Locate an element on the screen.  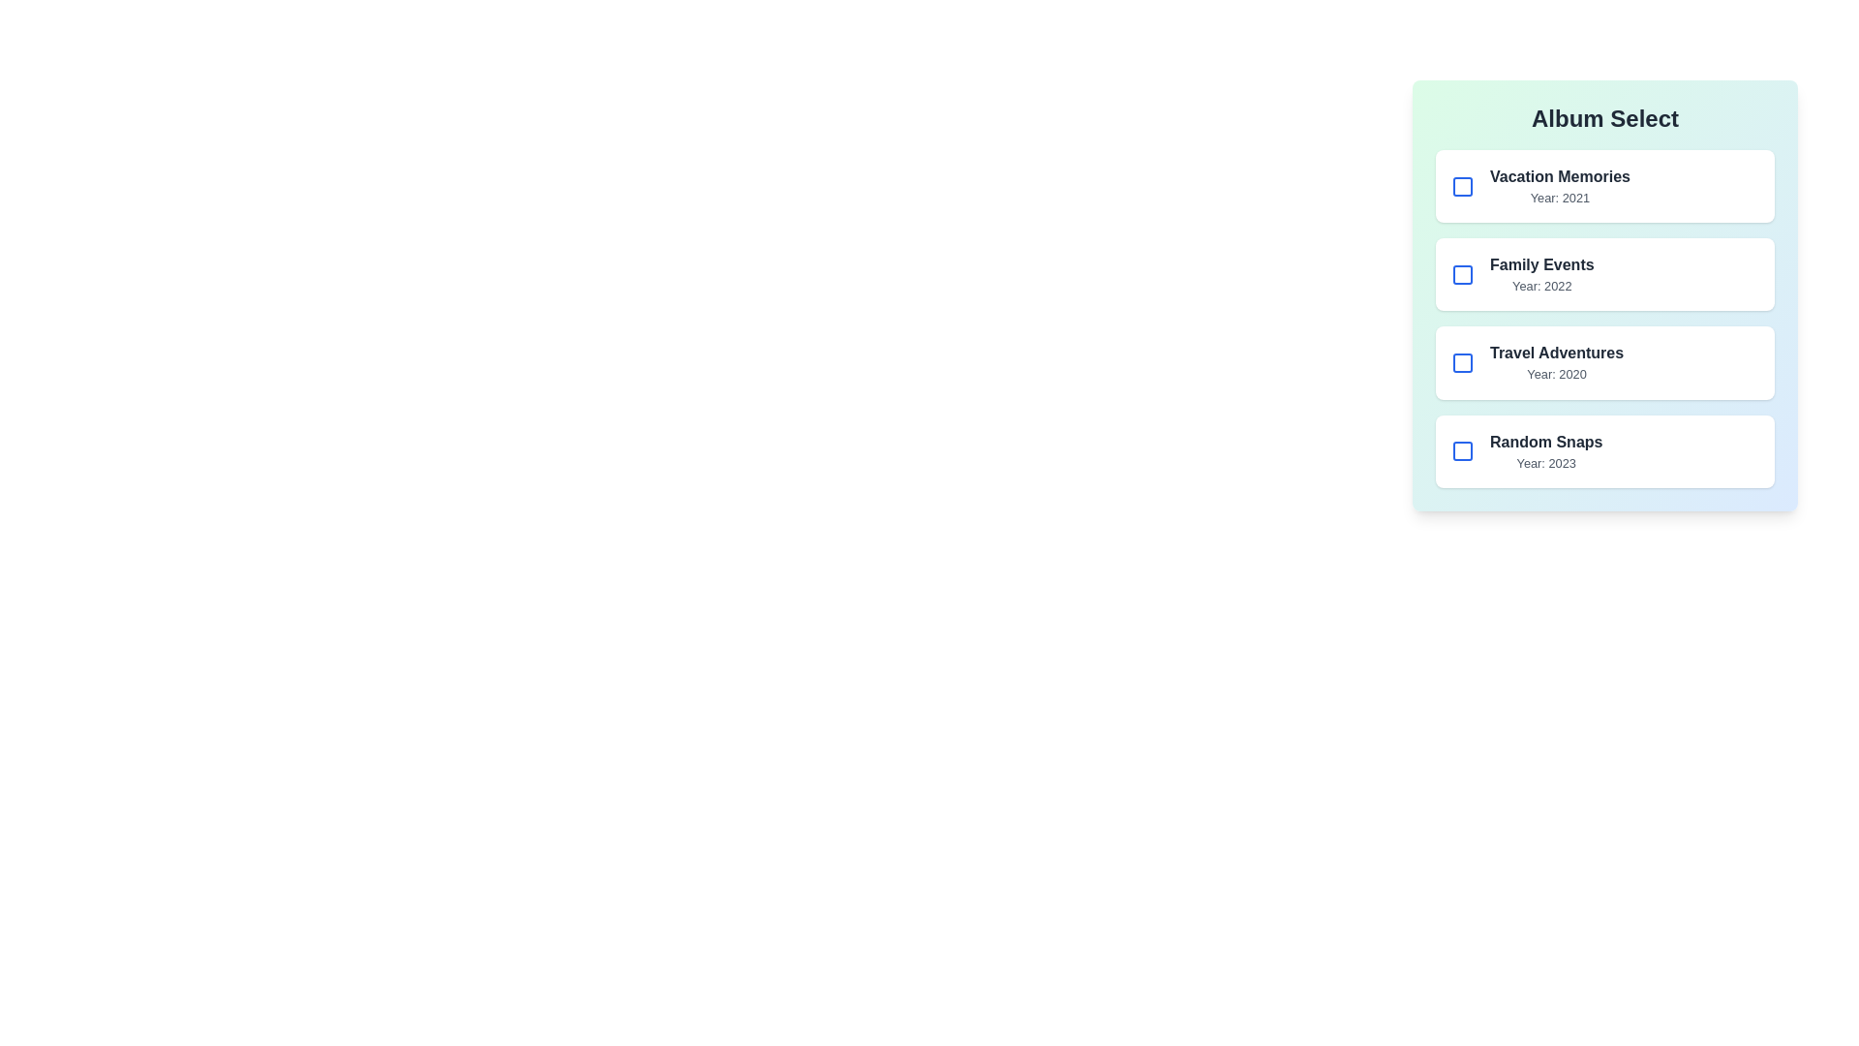
the album Travel Adventures is located at coordinates (1463, 362).